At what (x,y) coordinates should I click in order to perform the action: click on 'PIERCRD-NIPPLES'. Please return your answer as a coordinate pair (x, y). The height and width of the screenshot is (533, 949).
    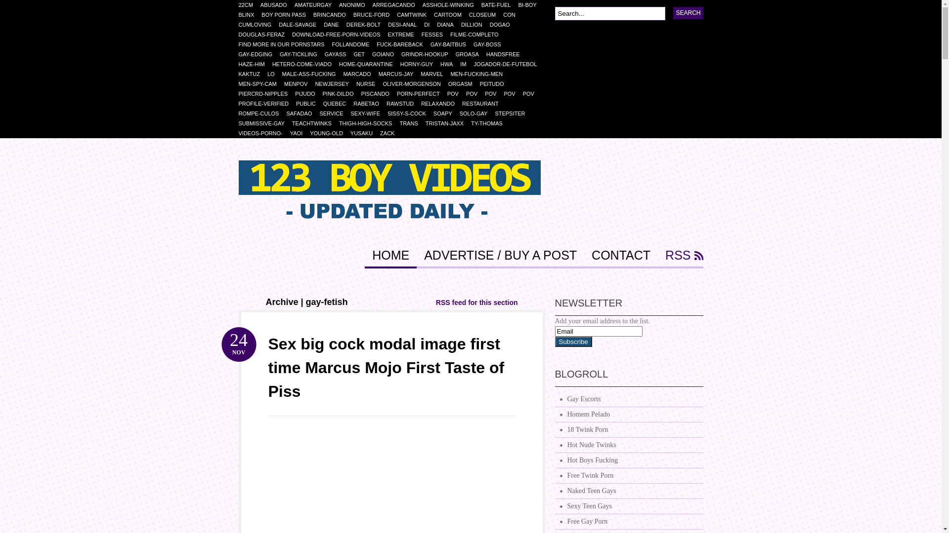
    Looking at the image, I should click on (266, 93).